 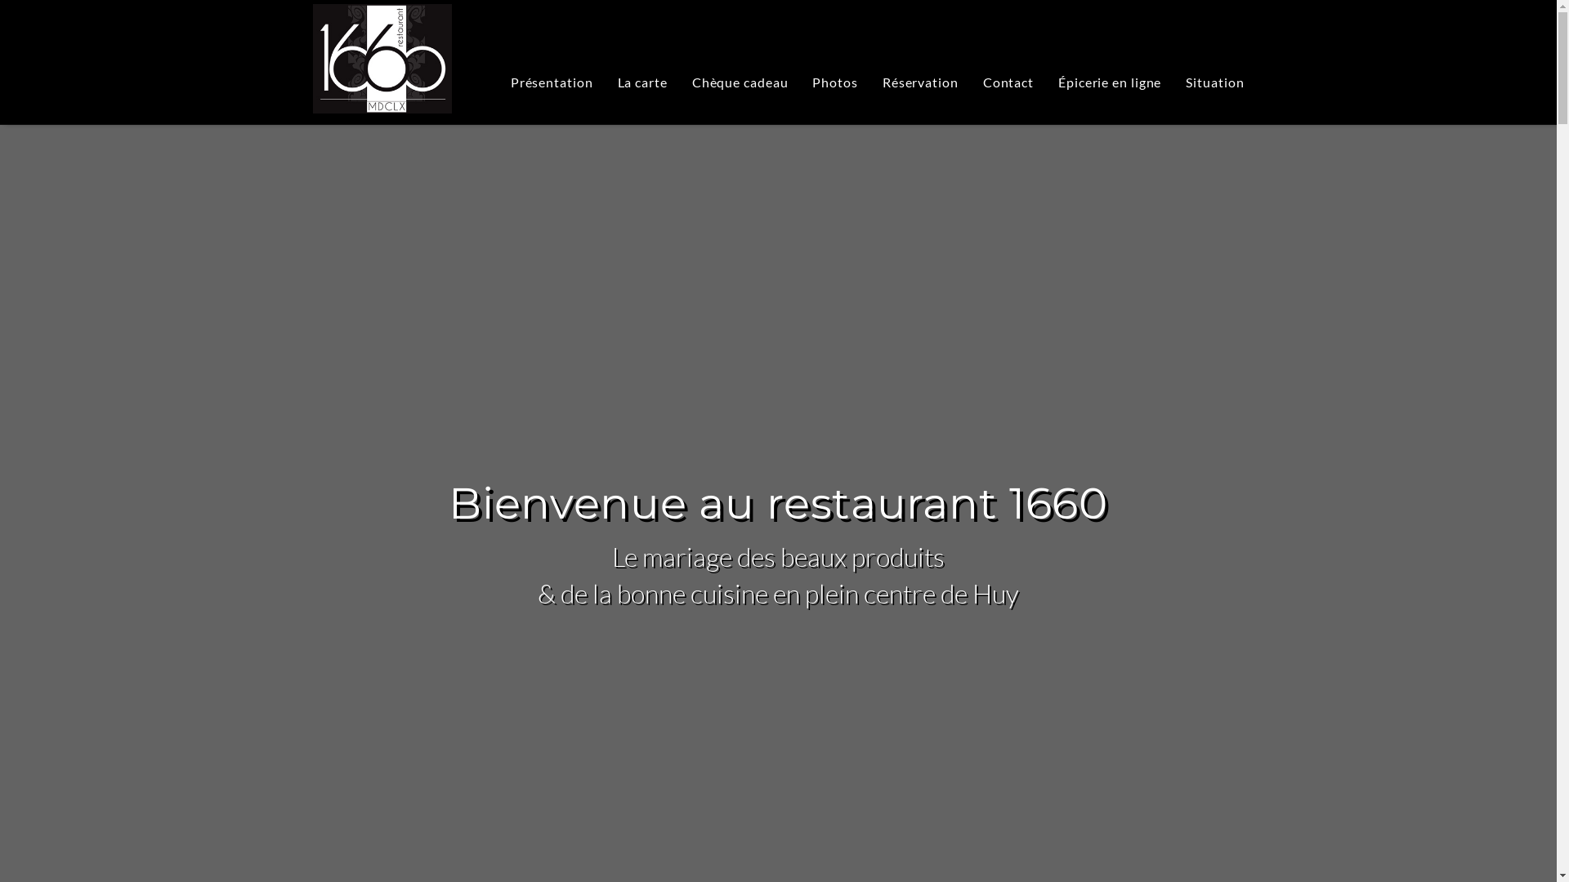 I want to click on 'La carte', so click(x=641, y=82).